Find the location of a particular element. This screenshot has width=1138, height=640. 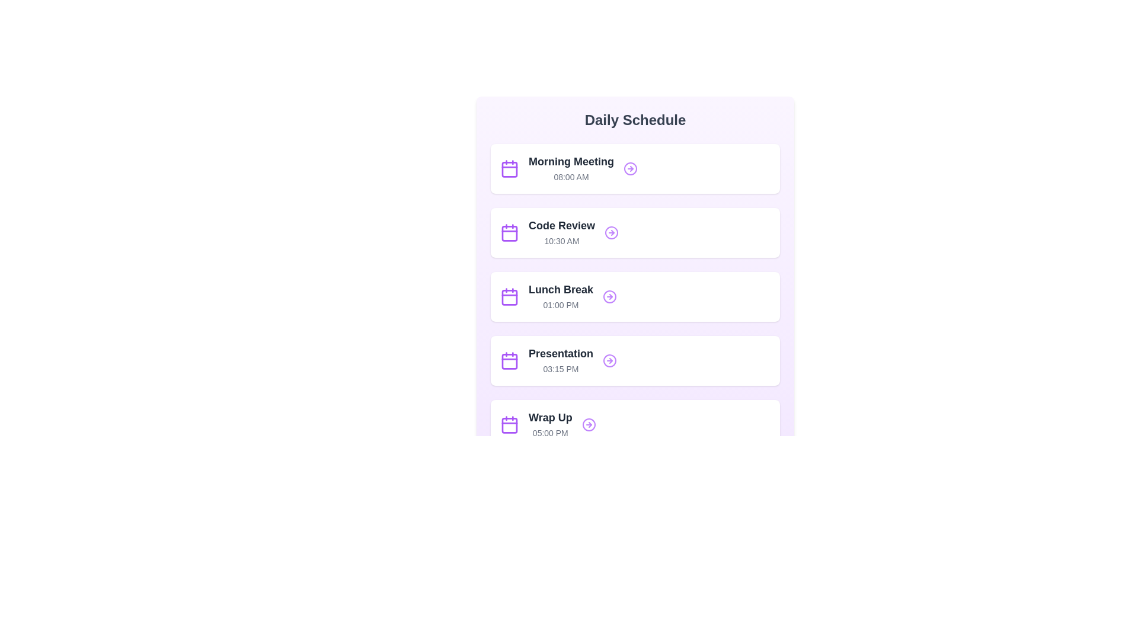

the static text heading that serves as the title for the schedule section, located at the top of the vertically stacked schedule interface is located at coordinates (634, 120).